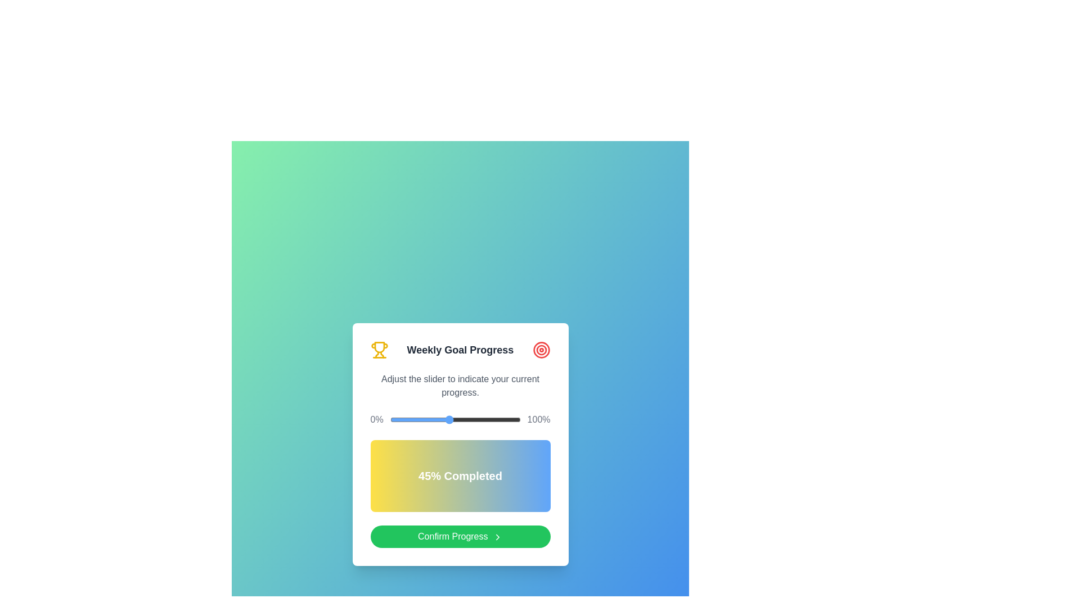 The height and width of the screenshot is (607, 1080). I want to click on the progress value to 94% by dragging the slider, so click(512, 420).